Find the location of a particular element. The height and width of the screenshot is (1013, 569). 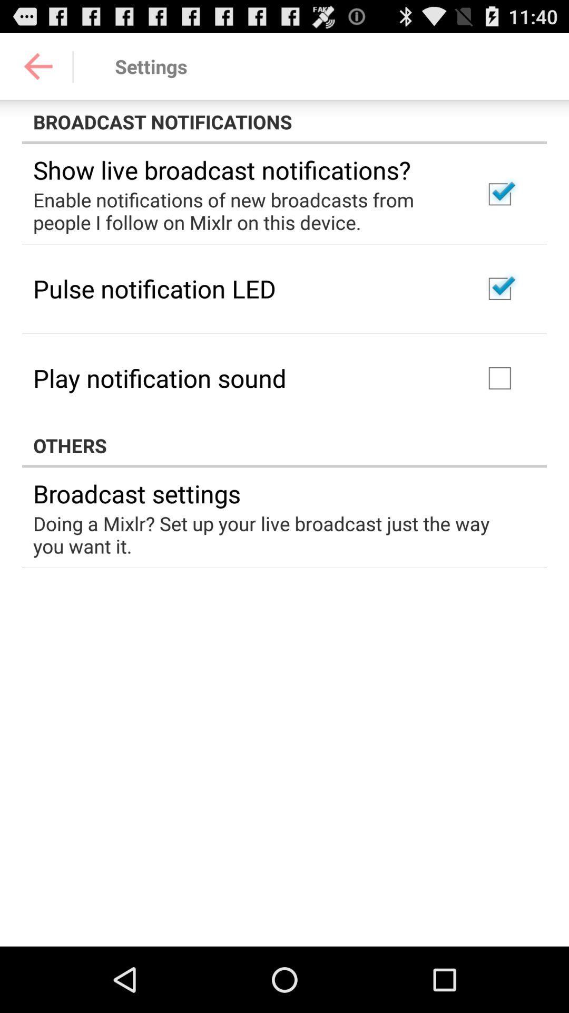

the play notification sound item is located at coordinates (160, 378).